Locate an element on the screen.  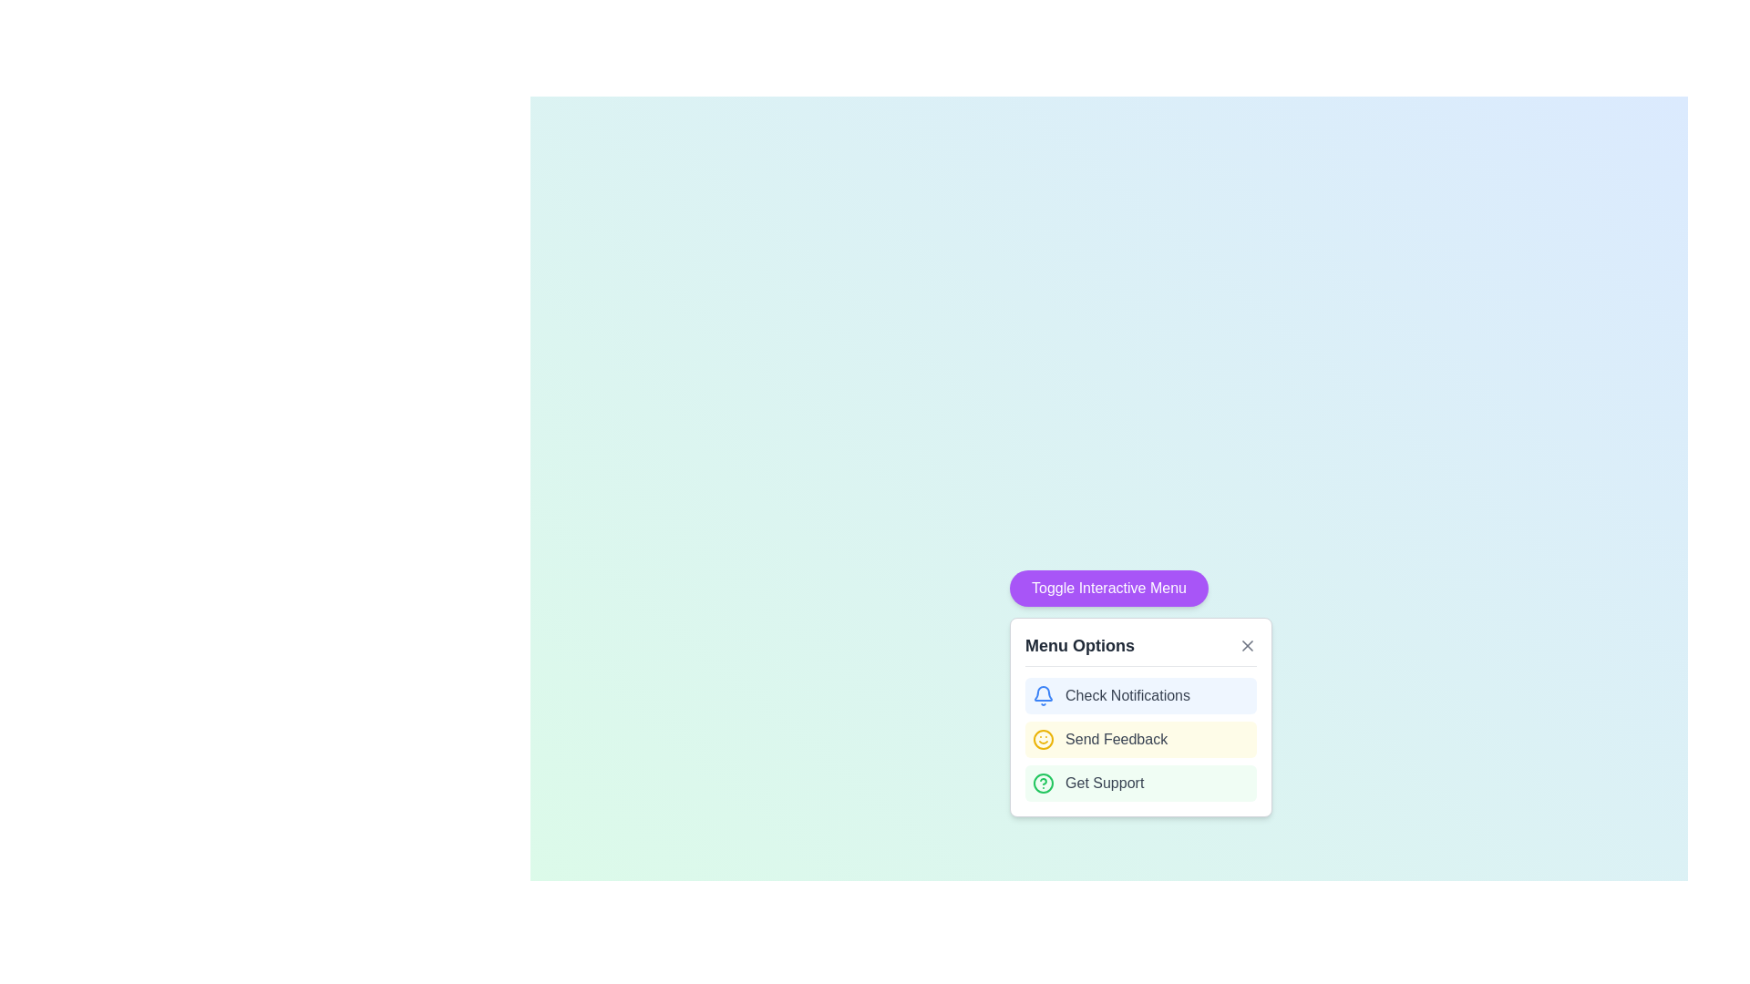
the core circle of the smiling face icon located in the Menu Options section to visually communicate feedback or emotion is located at coordinates (1044, 740).